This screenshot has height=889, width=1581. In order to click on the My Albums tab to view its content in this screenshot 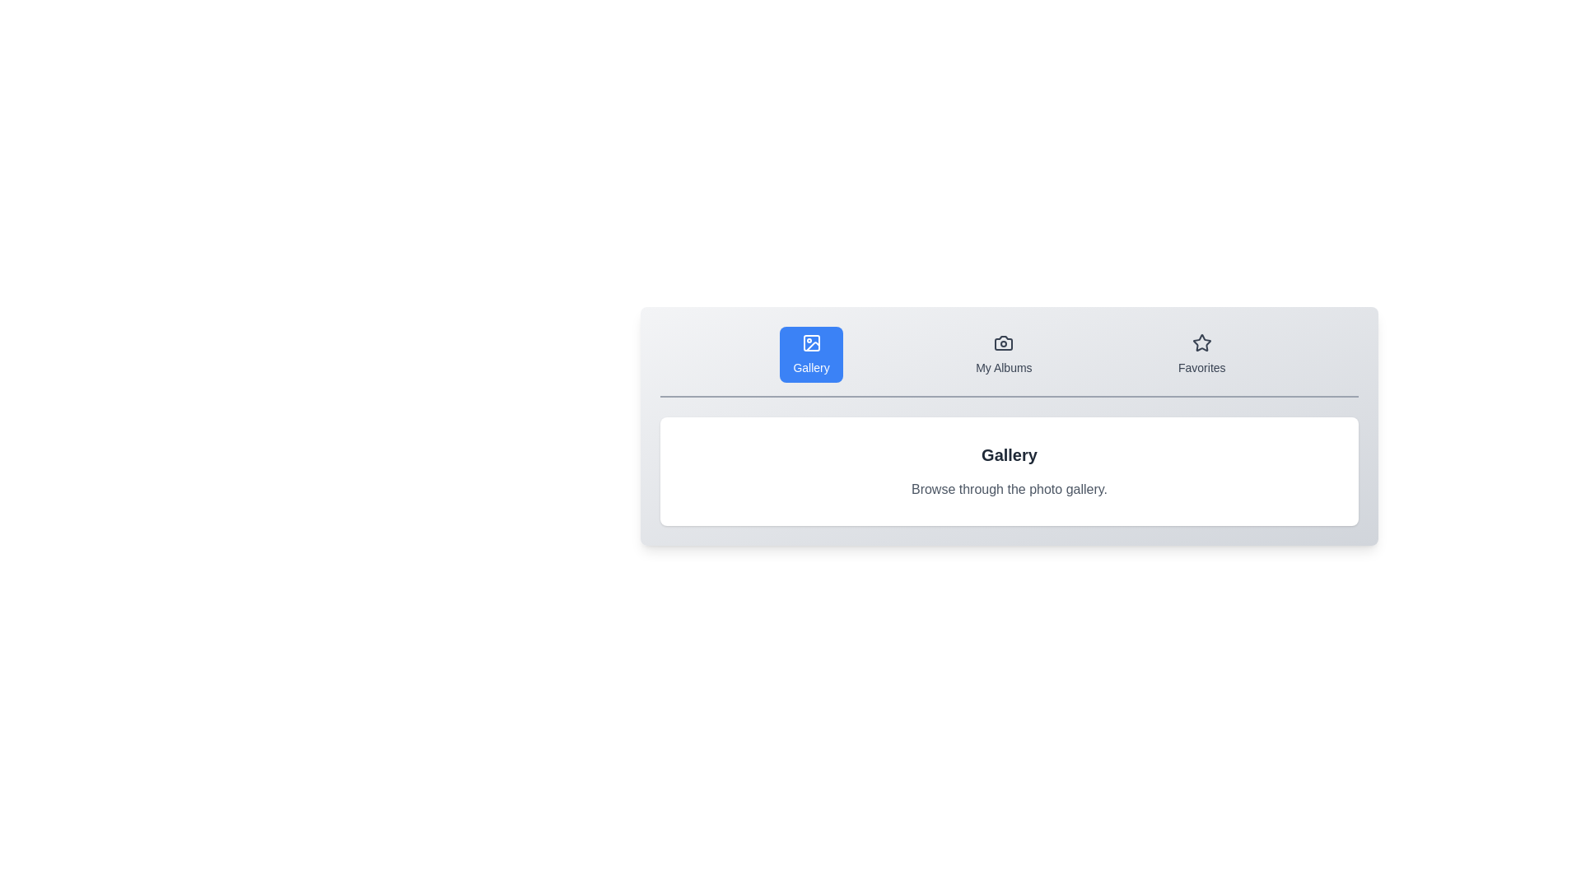, I will do `click(1003, 354)`.